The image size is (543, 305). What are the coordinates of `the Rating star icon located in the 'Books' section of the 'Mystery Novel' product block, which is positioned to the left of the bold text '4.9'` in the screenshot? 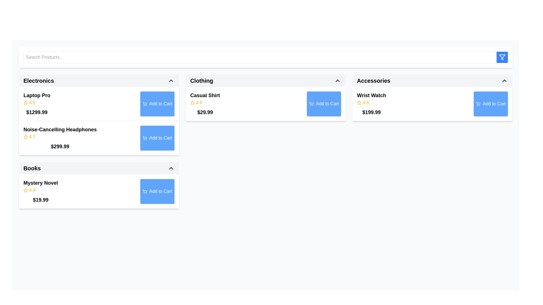 It's located at (25, 190).